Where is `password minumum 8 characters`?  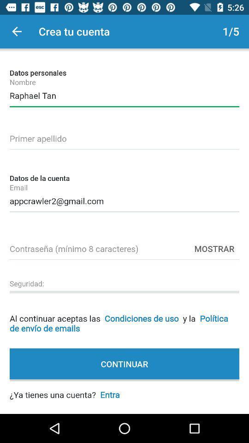 password minumum 8 characters is located at coordinates (125, 247).